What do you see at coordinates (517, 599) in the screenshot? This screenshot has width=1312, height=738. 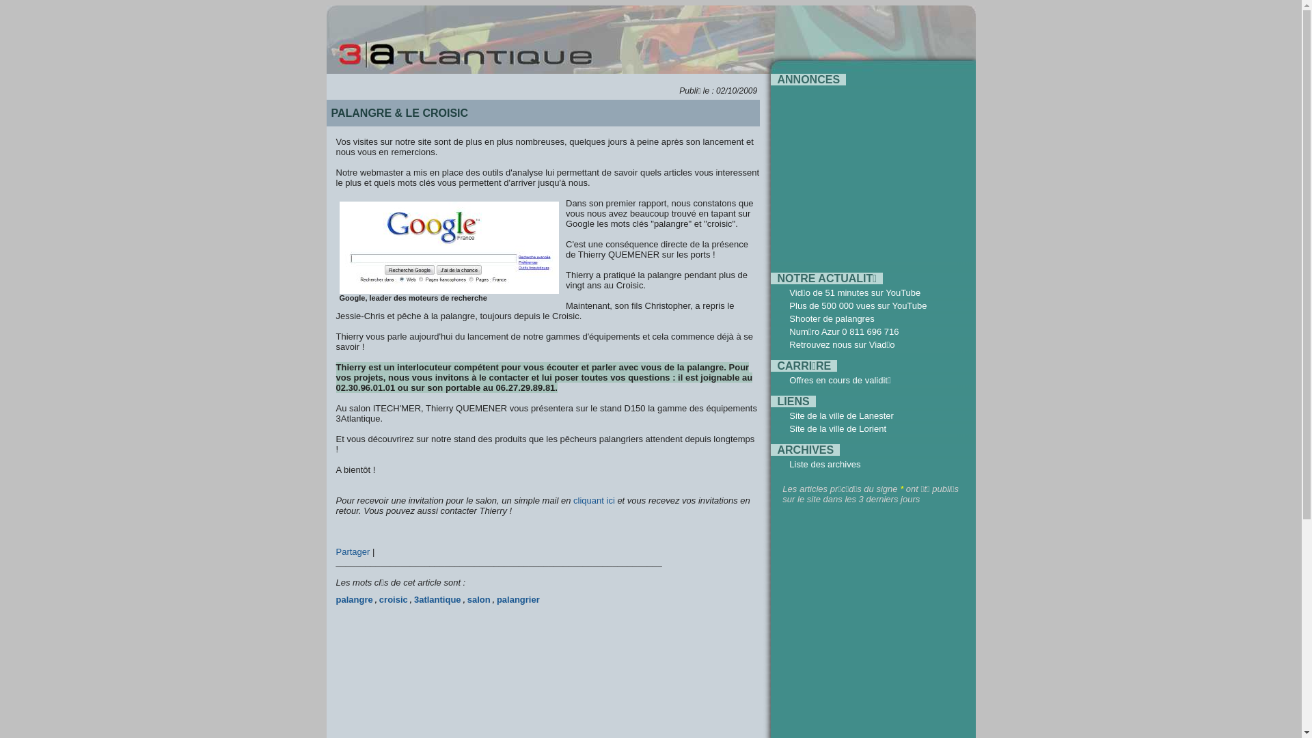 I see `'palangrier'` at bounding box center [517, 599].